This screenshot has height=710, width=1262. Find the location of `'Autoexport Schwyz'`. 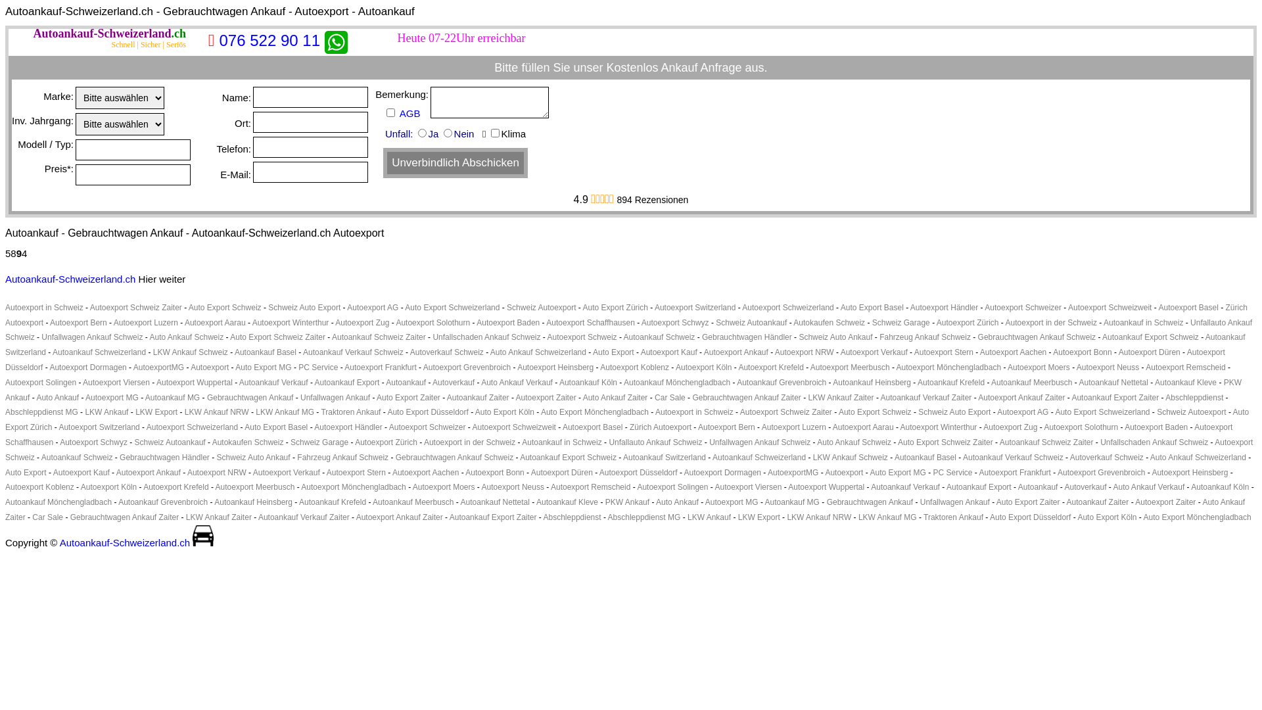

'Autoexport Schwyz' is located at coordinates (675, 322).